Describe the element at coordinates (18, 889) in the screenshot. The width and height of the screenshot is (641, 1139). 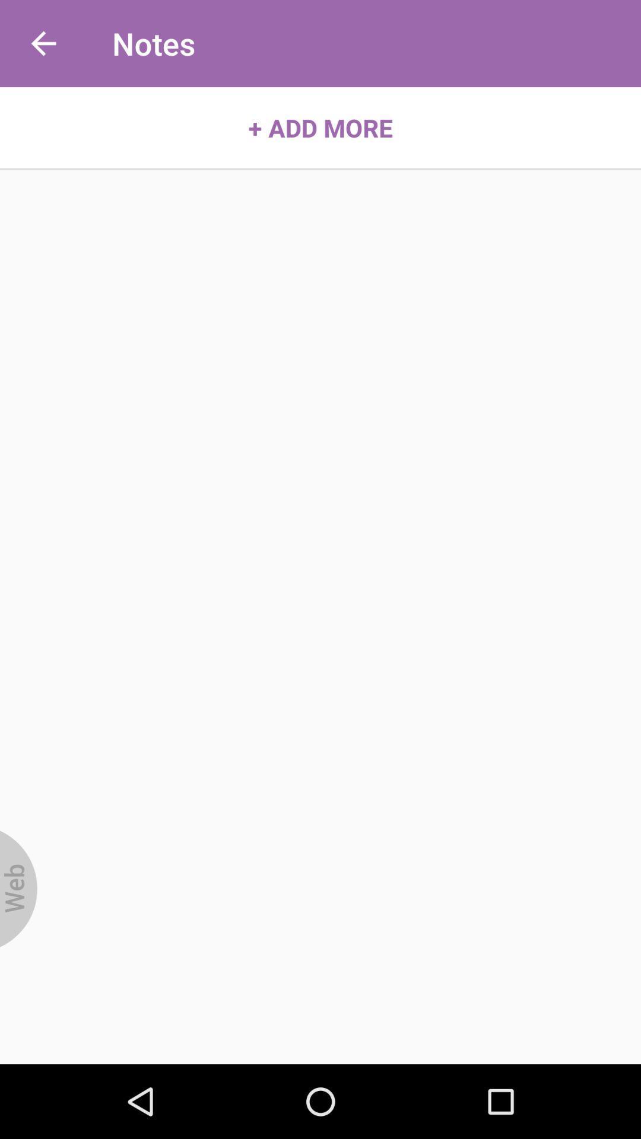
I see `web` at that location.